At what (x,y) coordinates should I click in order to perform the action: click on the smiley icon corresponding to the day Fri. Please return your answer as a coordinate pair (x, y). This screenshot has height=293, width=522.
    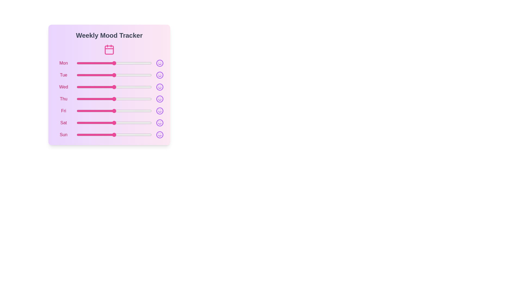
    Looking at the image, I should click on (160, 110).